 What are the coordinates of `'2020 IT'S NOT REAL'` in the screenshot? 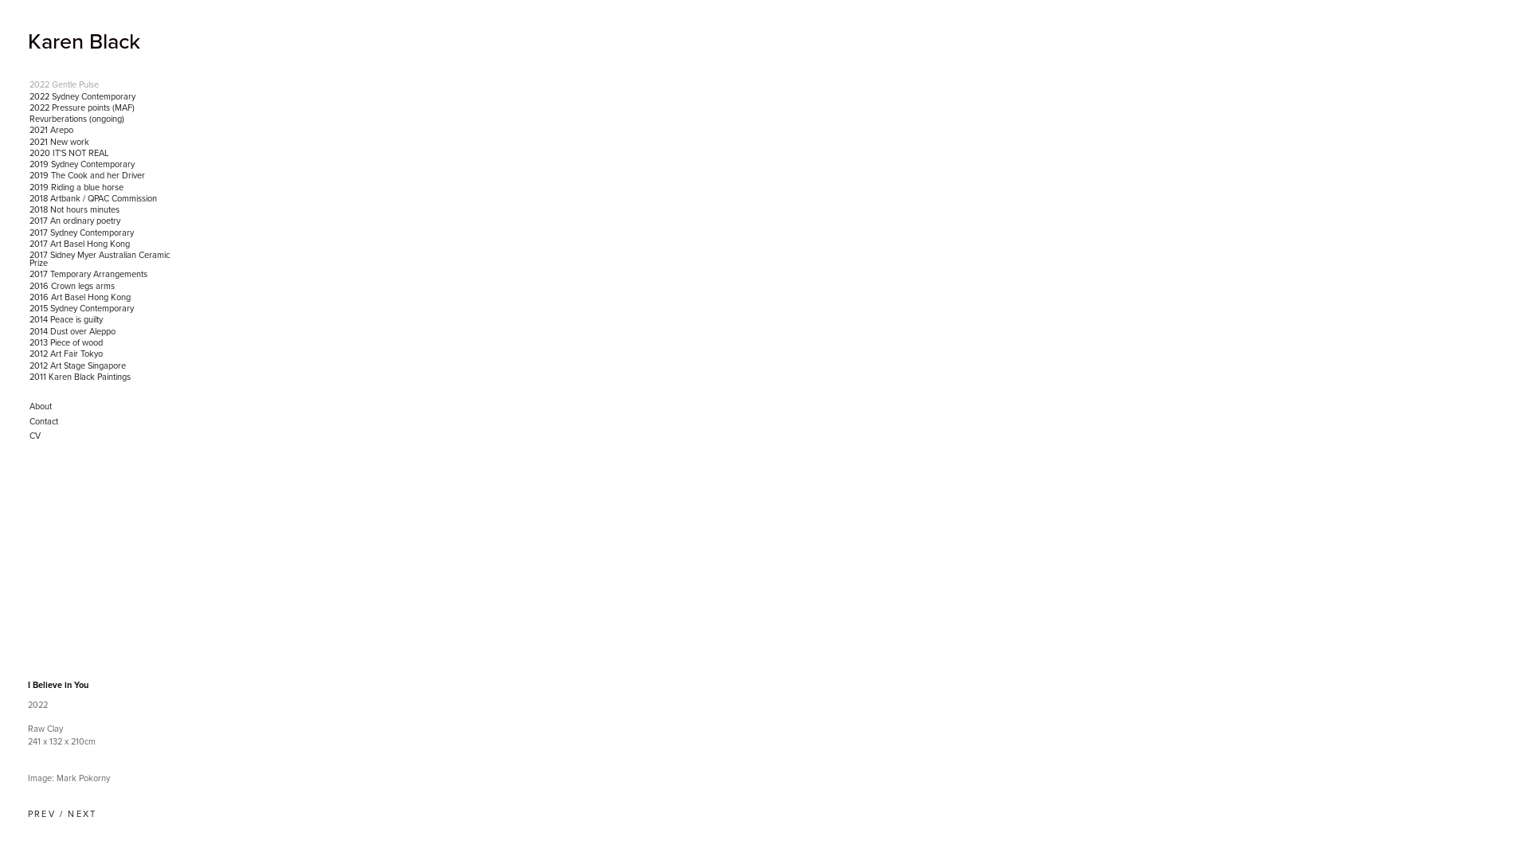 It's located at (102, 153).